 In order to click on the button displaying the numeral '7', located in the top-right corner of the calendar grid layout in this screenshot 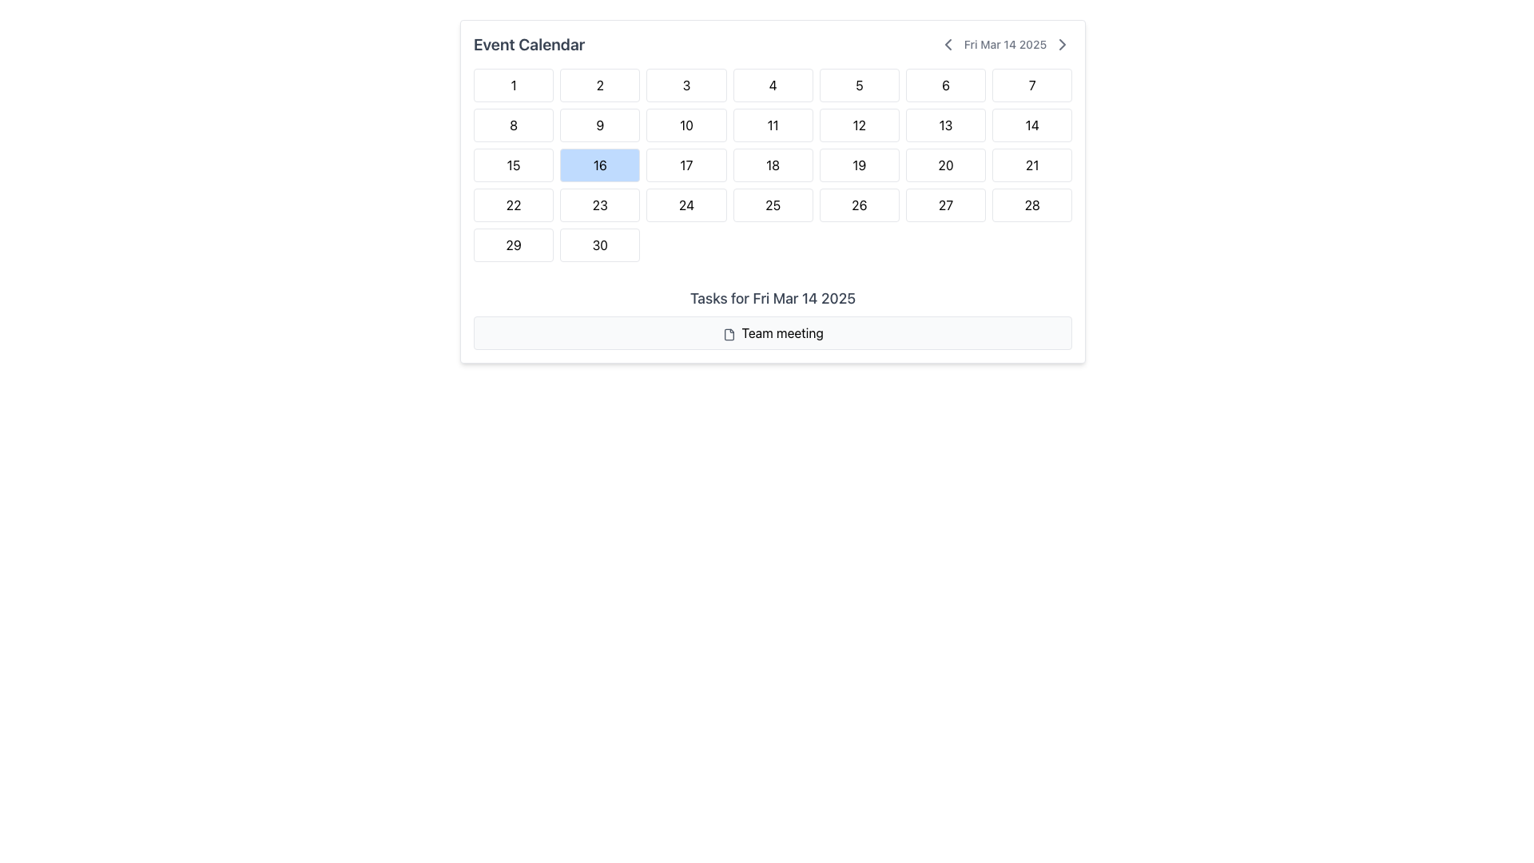, I will do `click(1032, 86)`.